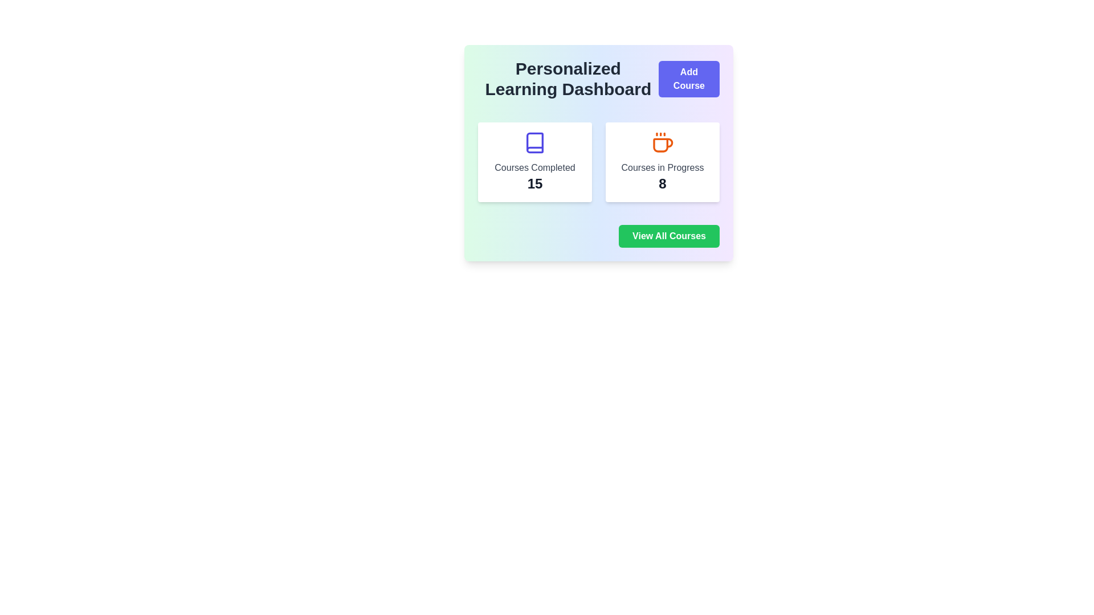 The height and width of the screenshot is (615, 1094). What do you see at coordinates (662, 142) in the screenshot?
I see `the icon that represents the 'Courses in Progress' section, located within the card labeled 'Courses in Progress', above the text 'Courses in Progress' and the number '8'` at bounding box center [662, 142].